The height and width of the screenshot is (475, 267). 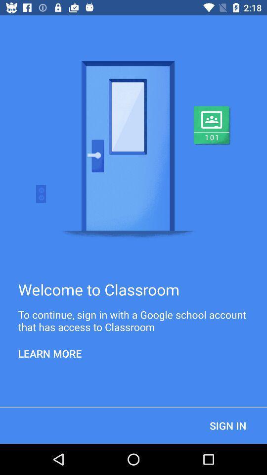 I want to click on icon below the to continue sign item, so click(x=49, y=353).